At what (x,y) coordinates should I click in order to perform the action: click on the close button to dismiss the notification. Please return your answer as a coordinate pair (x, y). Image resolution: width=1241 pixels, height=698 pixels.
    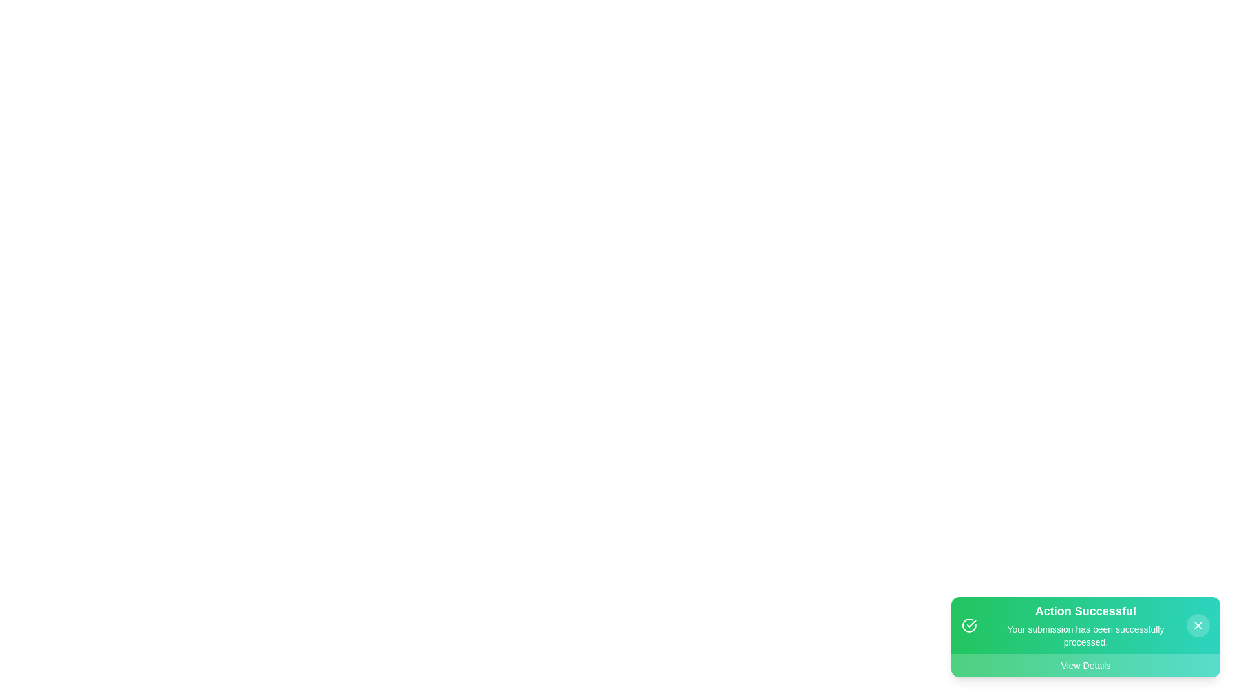
    Looking at the image, I should click on (1197, 625).